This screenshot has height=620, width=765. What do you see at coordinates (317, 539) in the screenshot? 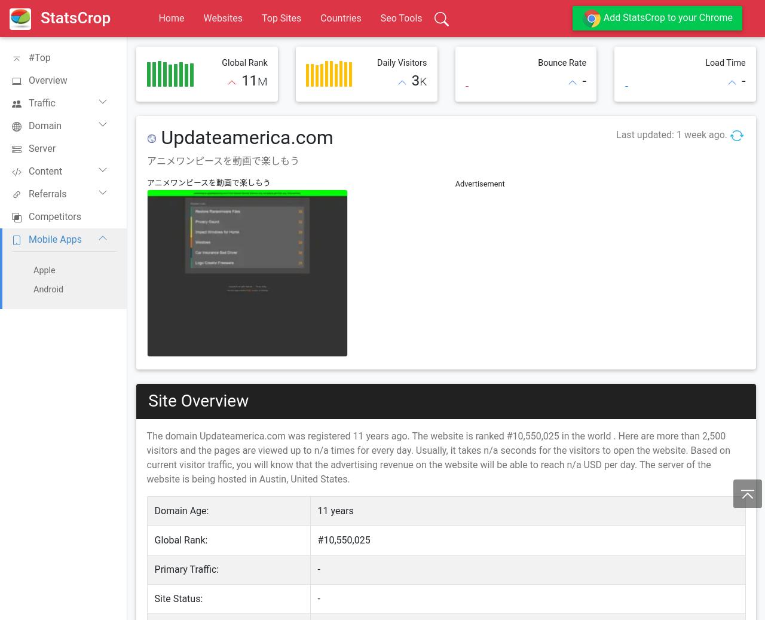
I see `'#10,550,025'` at bounding box center [317, 539].